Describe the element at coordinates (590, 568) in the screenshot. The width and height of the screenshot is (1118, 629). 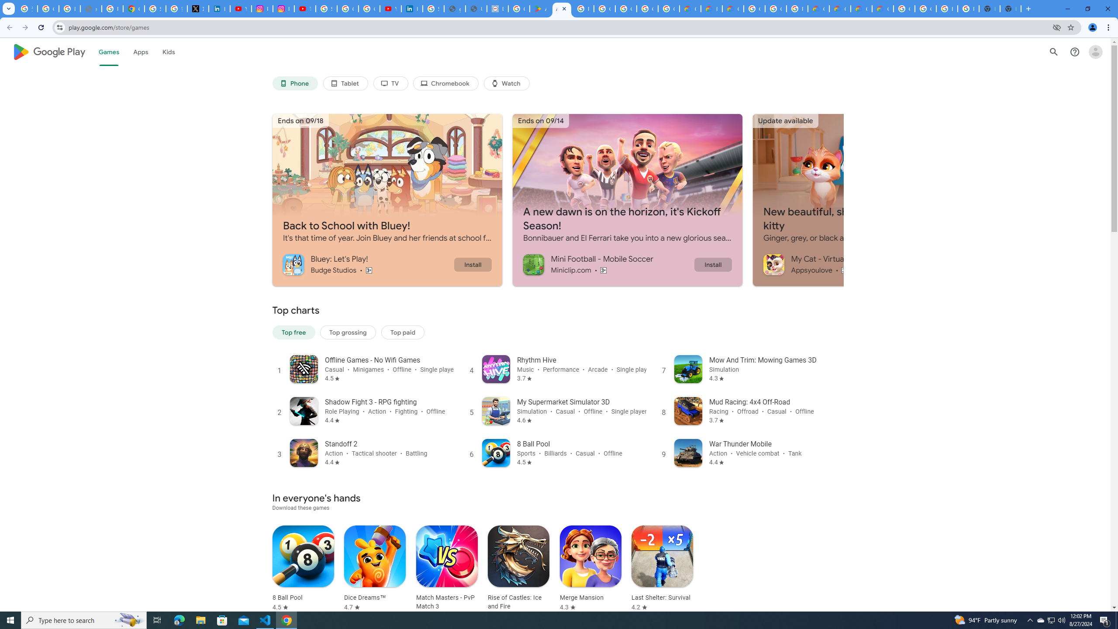
I see `'Merge Mansion Rated 4.3 stars out of five stars'` at that location.